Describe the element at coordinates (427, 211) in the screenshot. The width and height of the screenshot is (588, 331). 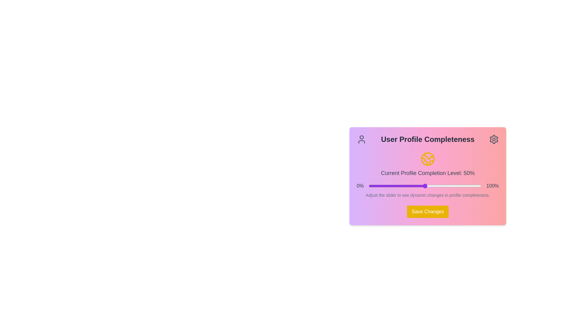
I see `the 'Save Changes' button located at the bottom of the 'User Profile Completeness' card, below the 'Current Profile Completion Level: 50%' slider` at that location.